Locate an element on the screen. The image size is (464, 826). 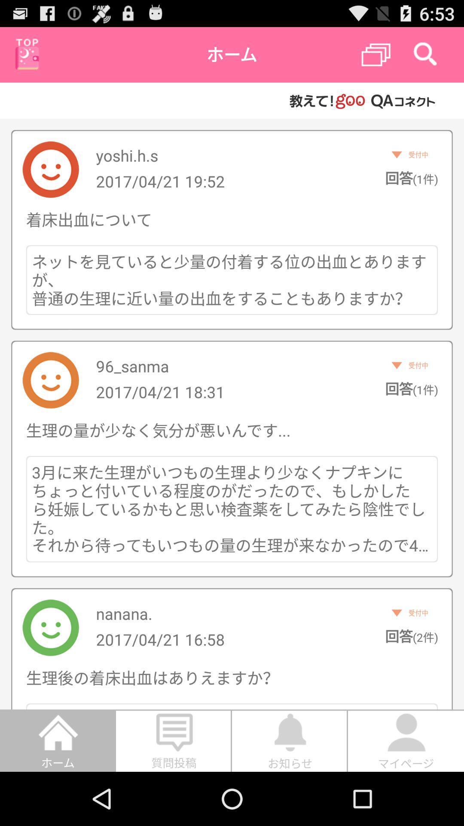
yoshi.h.s is located at coordinates (127, 155).